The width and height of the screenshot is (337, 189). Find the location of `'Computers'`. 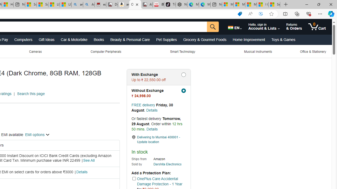

'Computers' is located at coordinates (23, 39).